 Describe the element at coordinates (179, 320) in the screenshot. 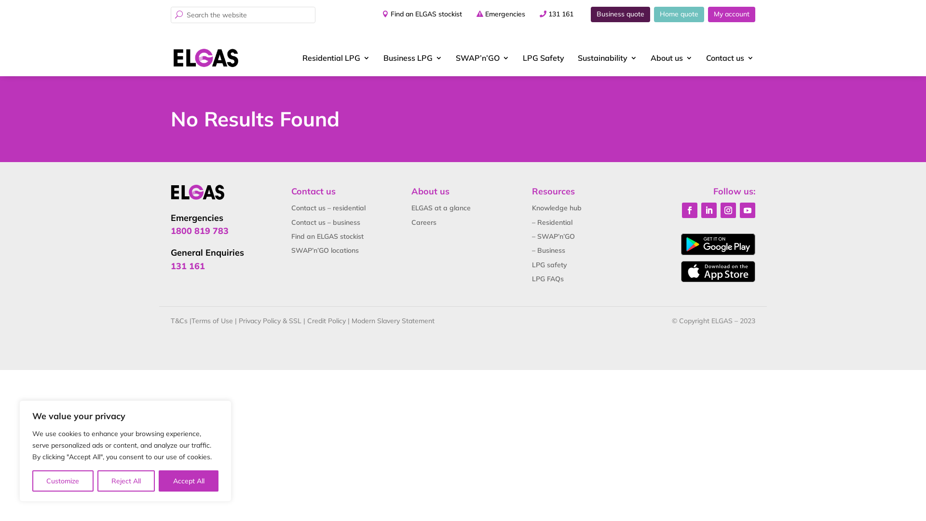

I see `'T&Cs'` at that location.